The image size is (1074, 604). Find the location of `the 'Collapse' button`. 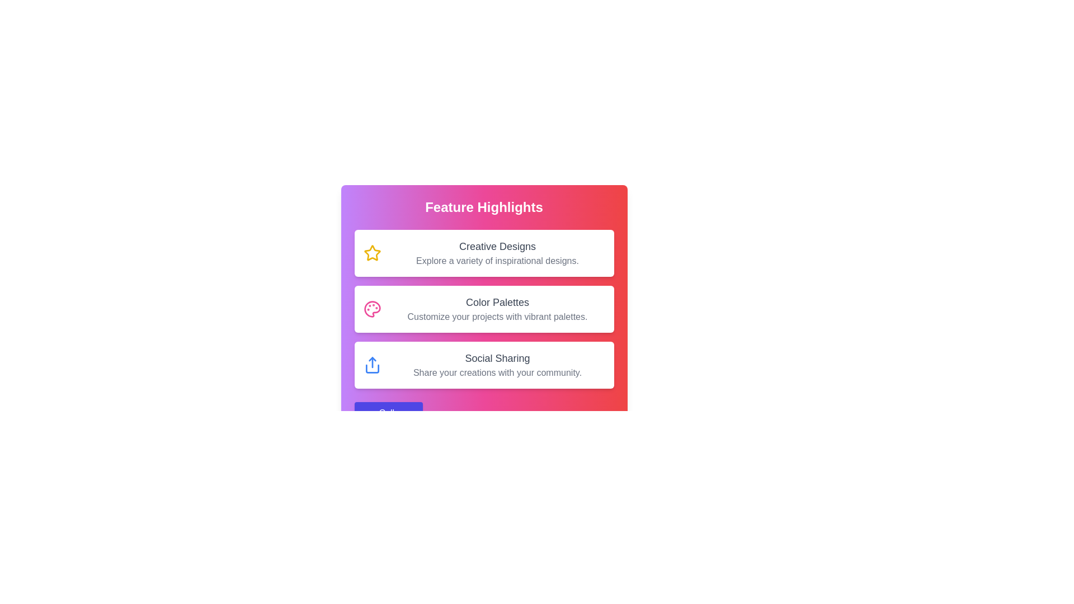

the 'Collapse' button is located at coordinates (369, 413).